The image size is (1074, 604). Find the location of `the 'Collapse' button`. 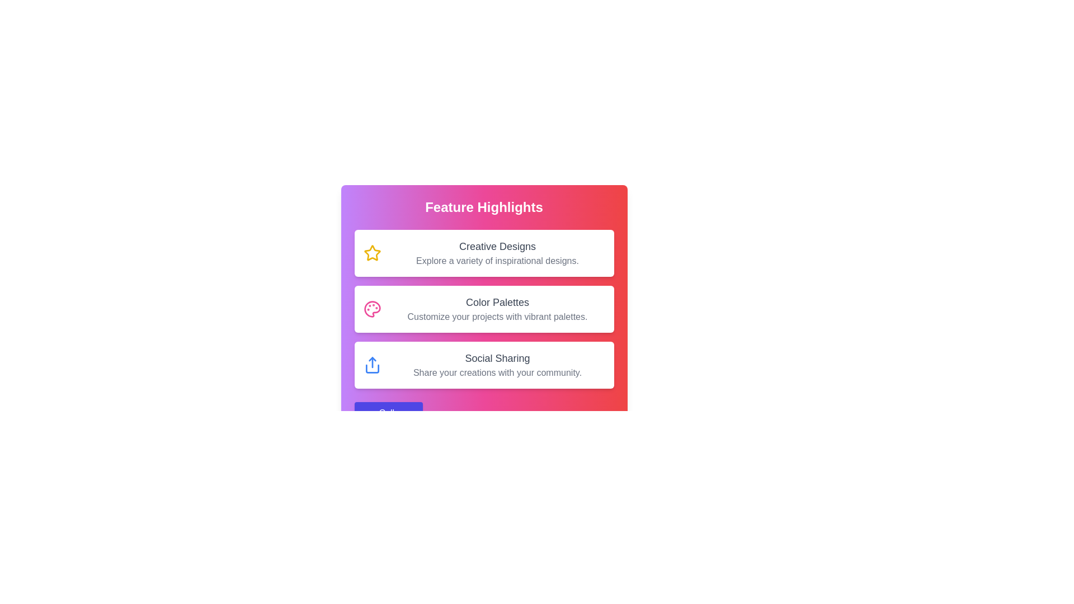

the 'Collapse' button is located at coordinates (369, 413).